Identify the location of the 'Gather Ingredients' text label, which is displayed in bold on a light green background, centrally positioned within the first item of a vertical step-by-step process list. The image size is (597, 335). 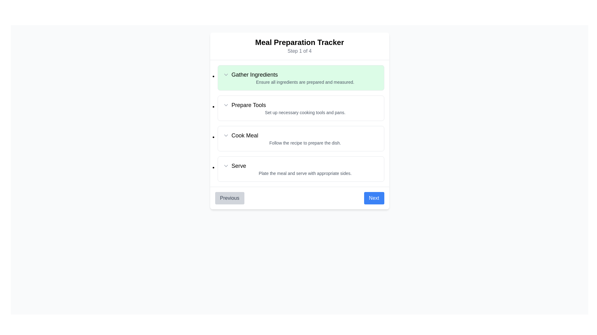
(255, 74).